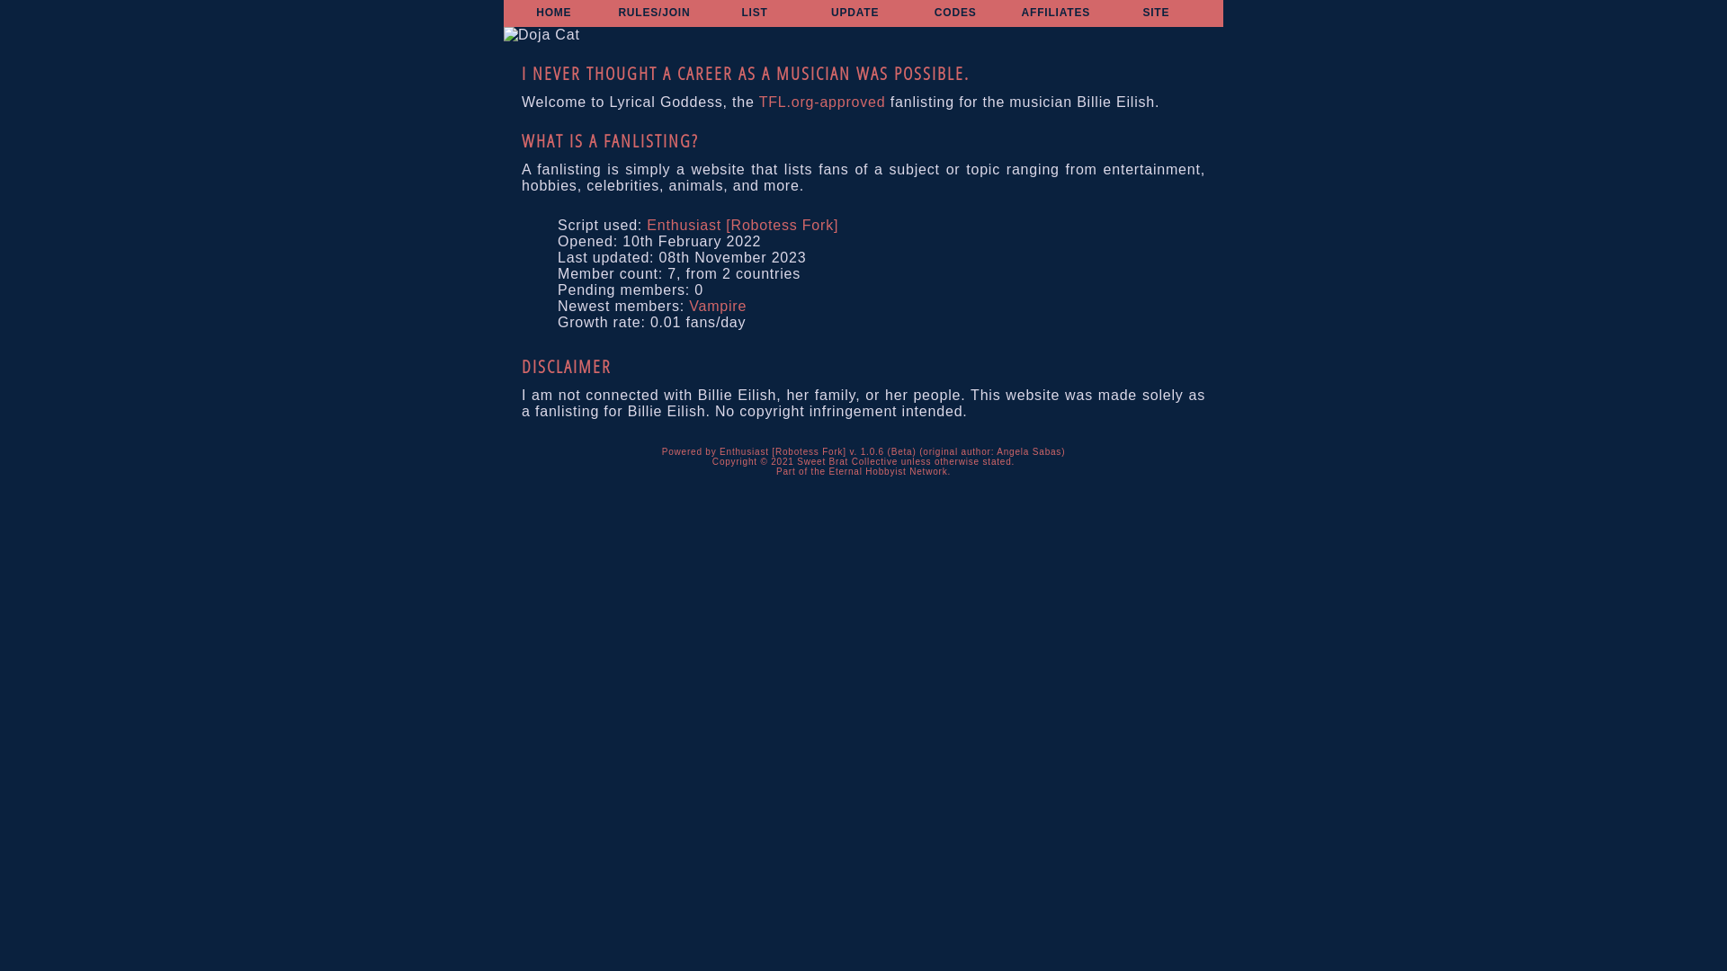 This screenshot has width=1727, height=971. I want to click on 'Enthusiast [Robotess Fork] v. 1.0.6 (Beta)', so click(817, 450).